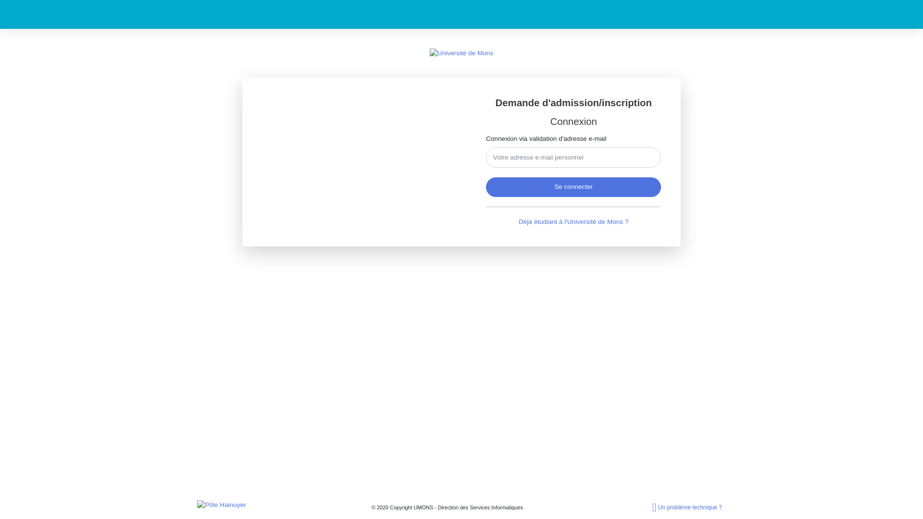  Describe the element at coordinates (574, 187) in the screenshot. I see `'Se connecter'` at that location.